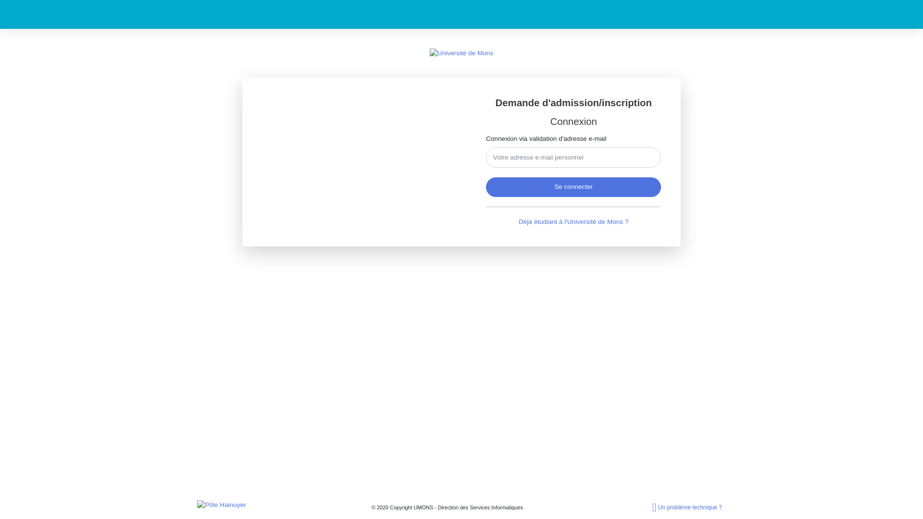  Describe the element at coordinates (574, 187) in the screenshot. I see `'Se connecter'` at that location.